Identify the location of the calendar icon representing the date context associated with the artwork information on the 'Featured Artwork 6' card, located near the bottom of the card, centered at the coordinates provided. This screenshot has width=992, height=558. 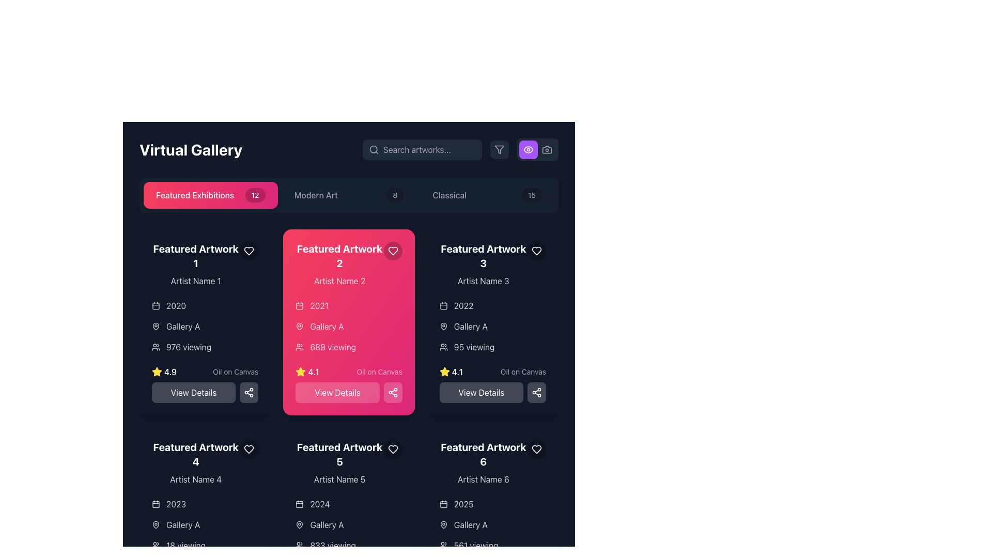
(443, 504).